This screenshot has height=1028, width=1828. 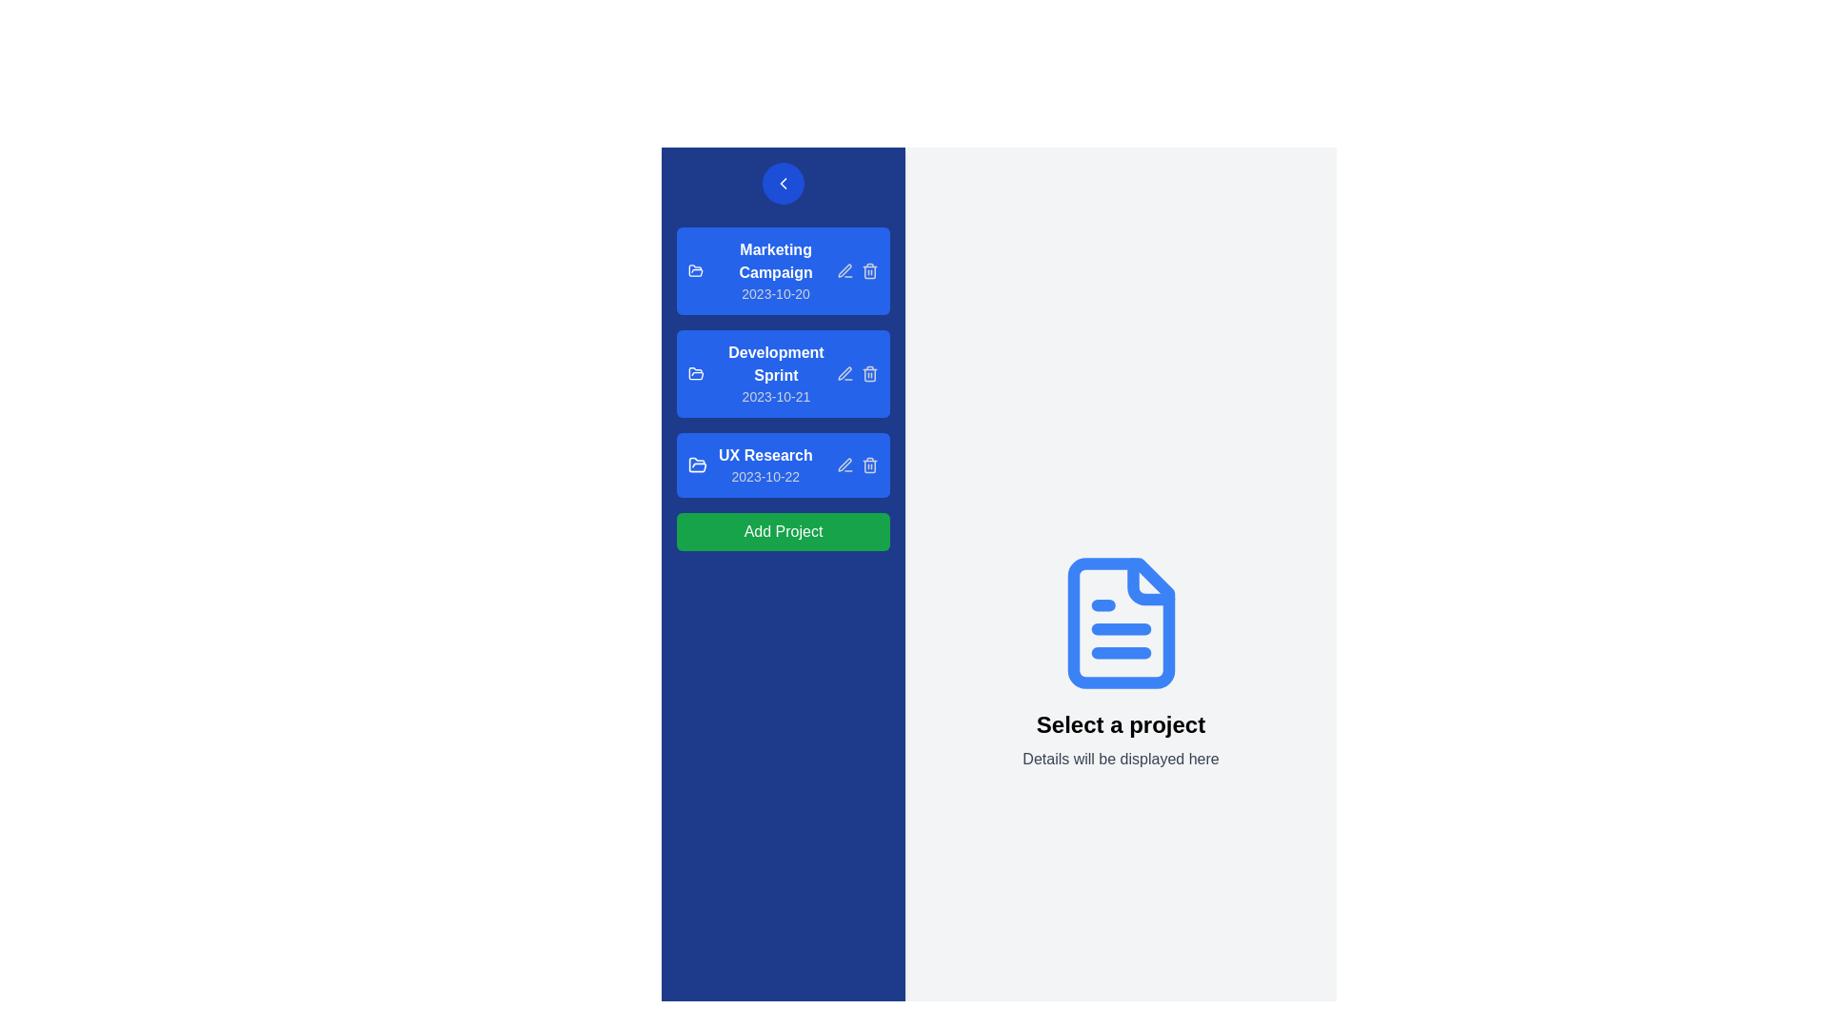 I want to click on the rectangular segment of the trash can icon associated with the 'Marketing Campaign' item, which indicates the delete functionality, so click(x=868, y=272).